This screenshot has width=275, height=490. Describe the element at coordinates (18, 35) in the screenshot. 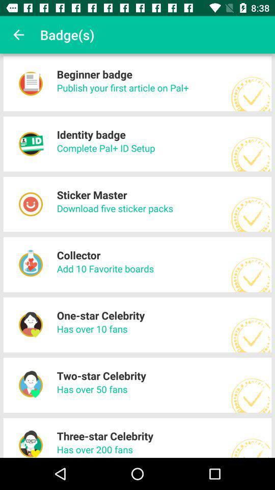

I see `the app next to badge(s) icon` at that location.